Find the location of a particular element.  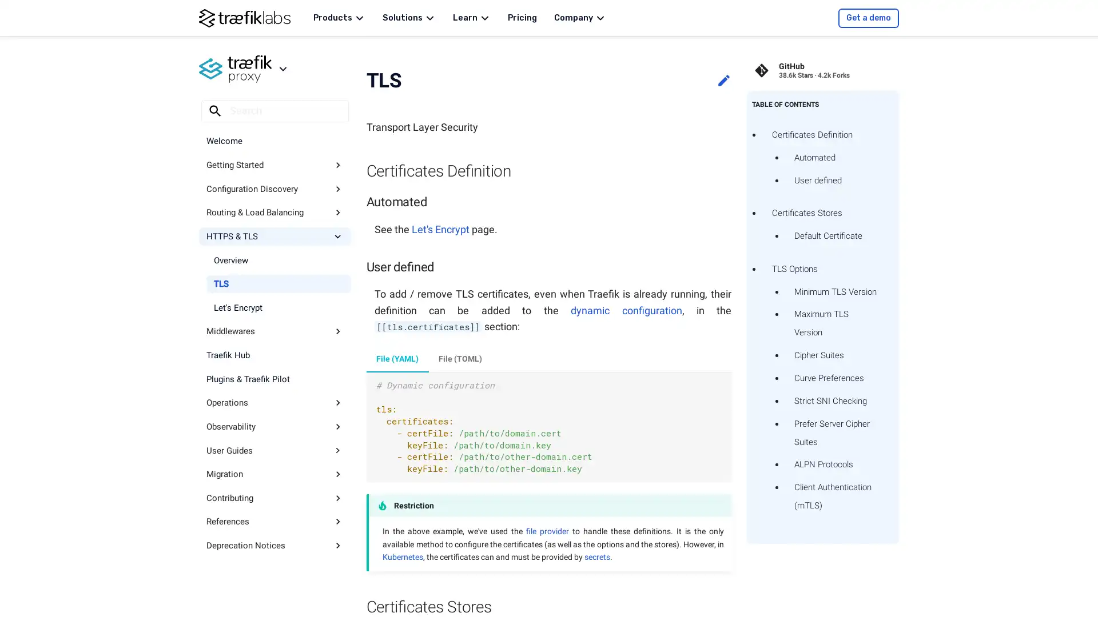

Clear is located at coordinates (334, 110).